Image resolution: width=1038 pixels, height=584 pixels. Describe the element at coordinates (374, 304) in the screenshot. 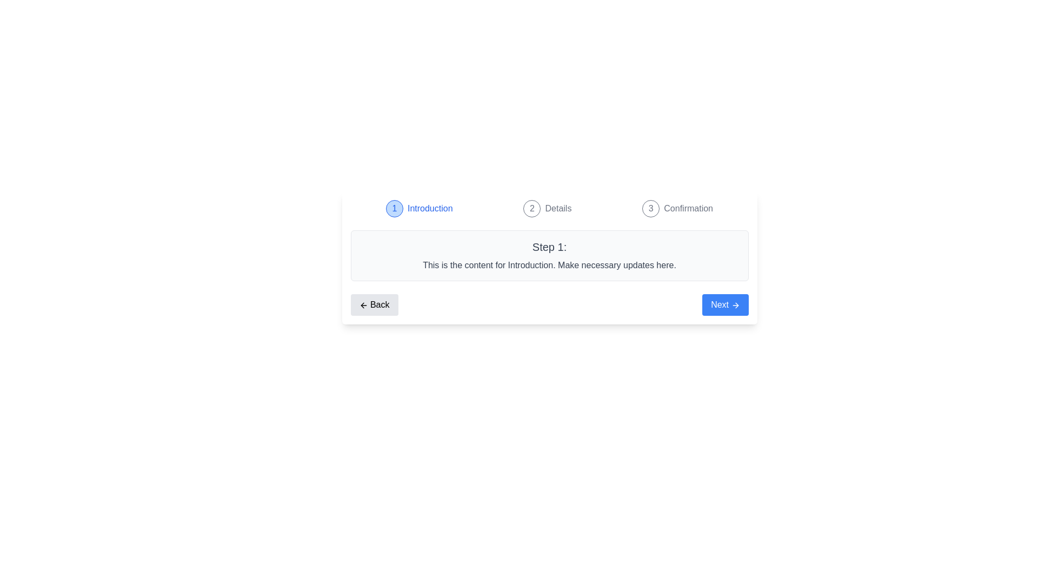

I see `the Back button to navigate steps` at that location.